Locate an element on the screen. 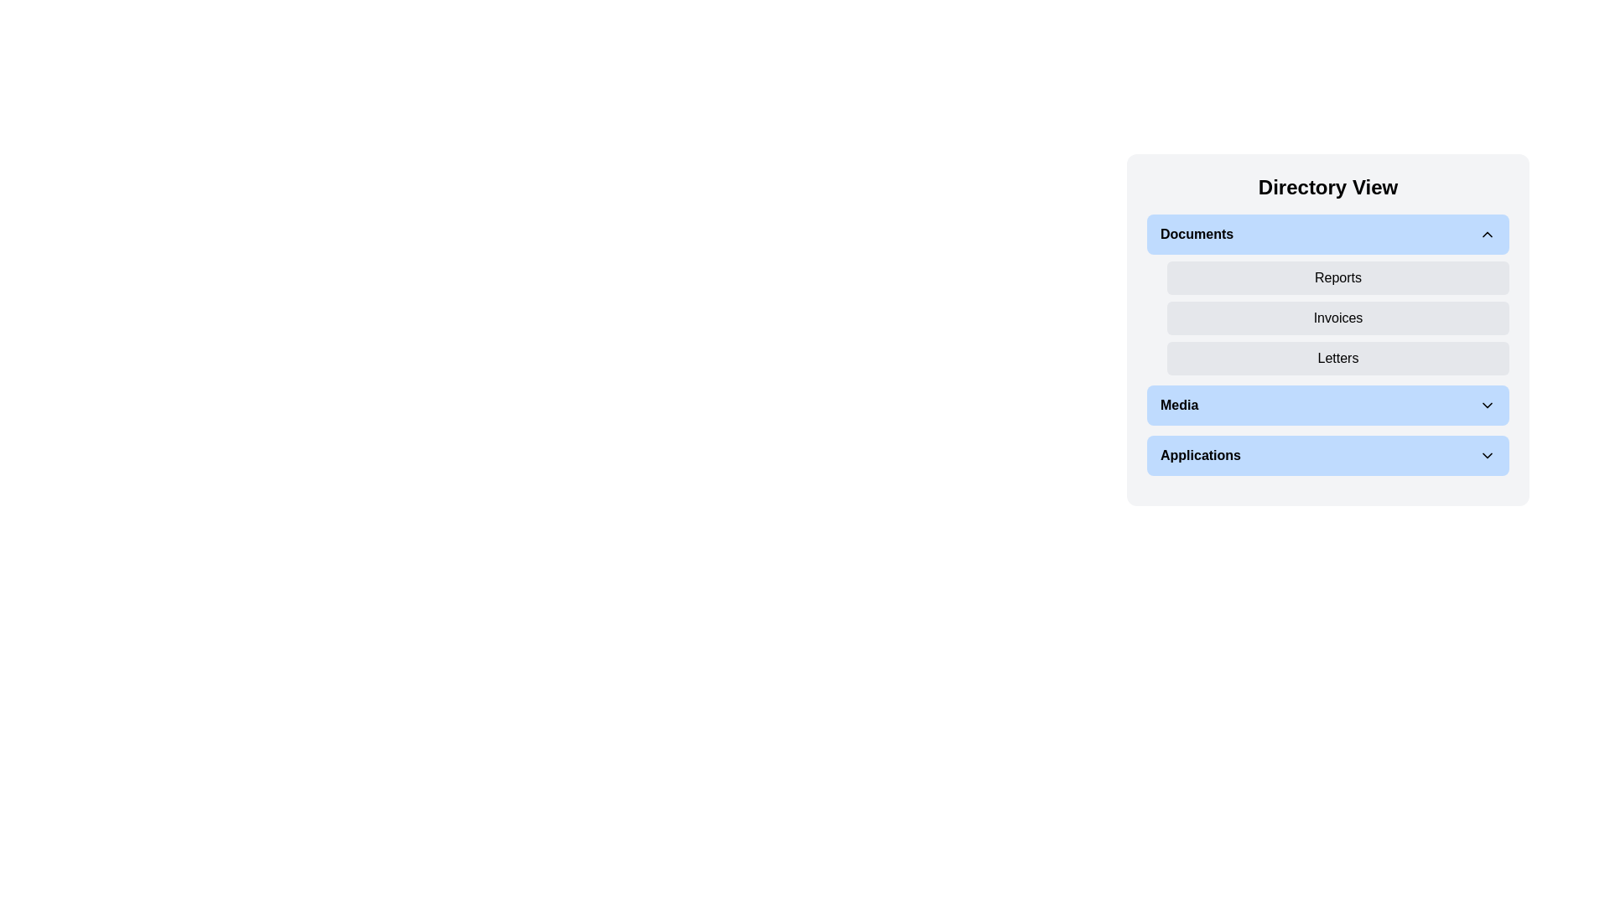  the downward-pointing chevron icon within the blue 'Applications' button in the 'Directory View' panel is located at coordinates (1488, 455).